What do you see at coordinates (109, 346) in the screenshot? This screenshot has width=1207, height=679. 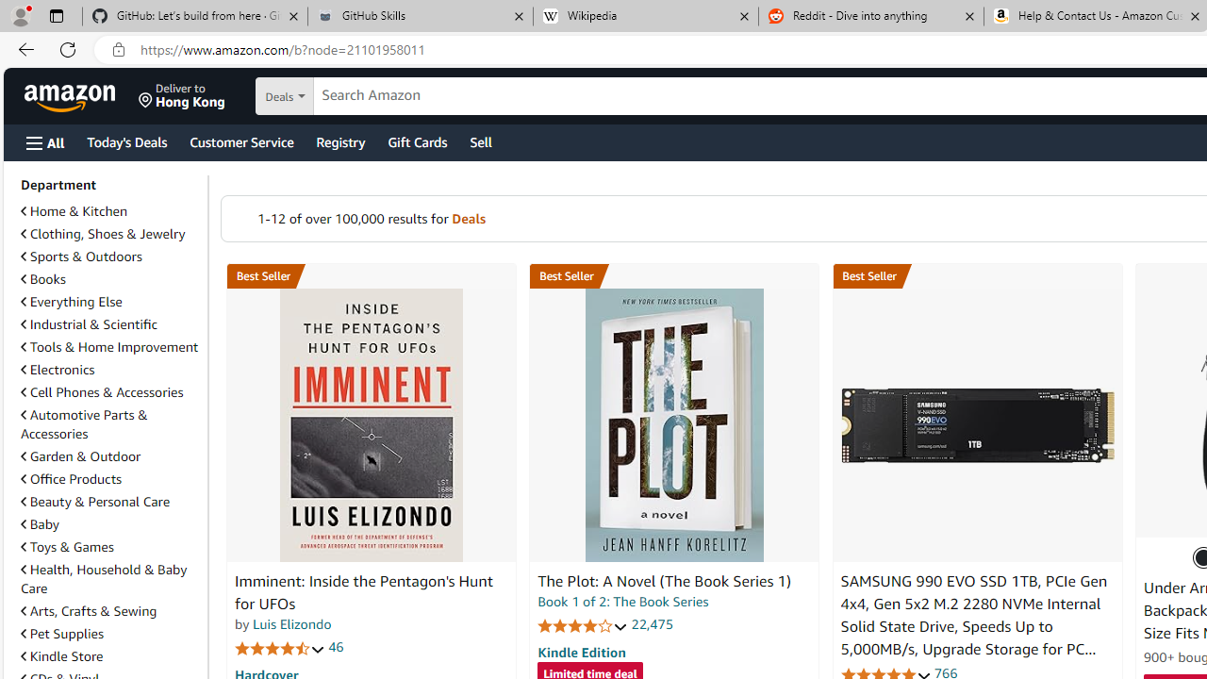 I see `'Tools & Home Improvement'` at bounding box center [109, 346].